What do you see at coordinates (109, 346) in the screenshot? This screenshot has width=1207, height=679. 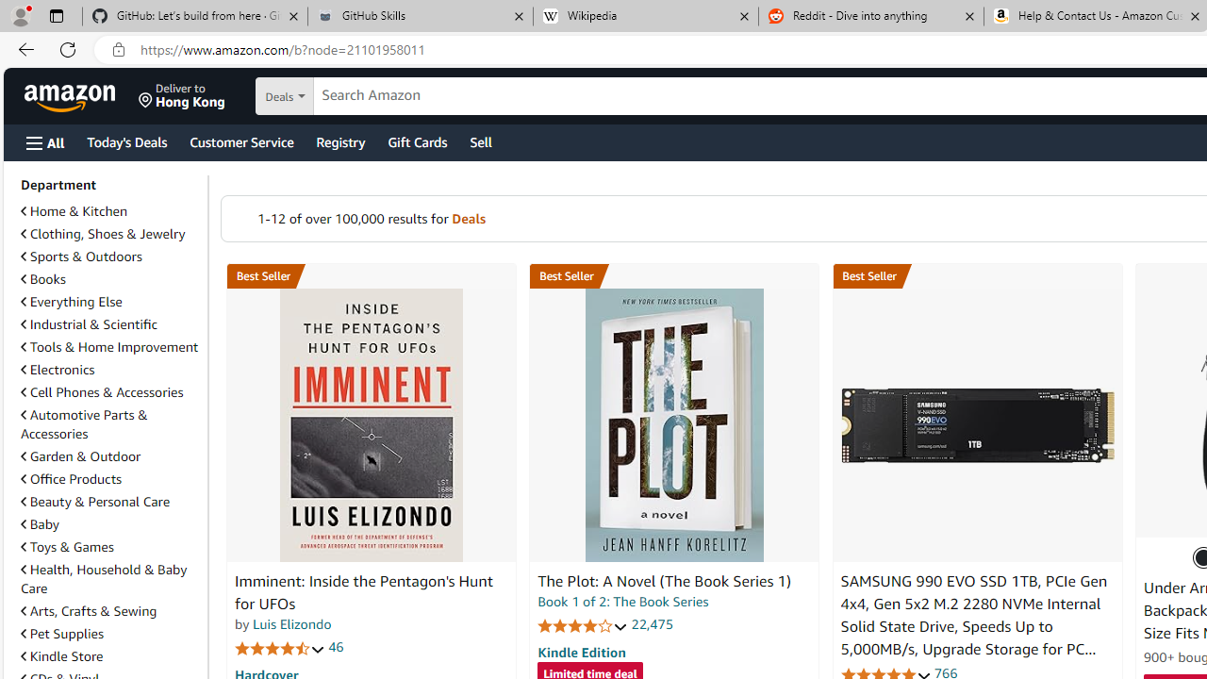 I see `'Tools & Home Improvement'` at bounding box center [109, 346].